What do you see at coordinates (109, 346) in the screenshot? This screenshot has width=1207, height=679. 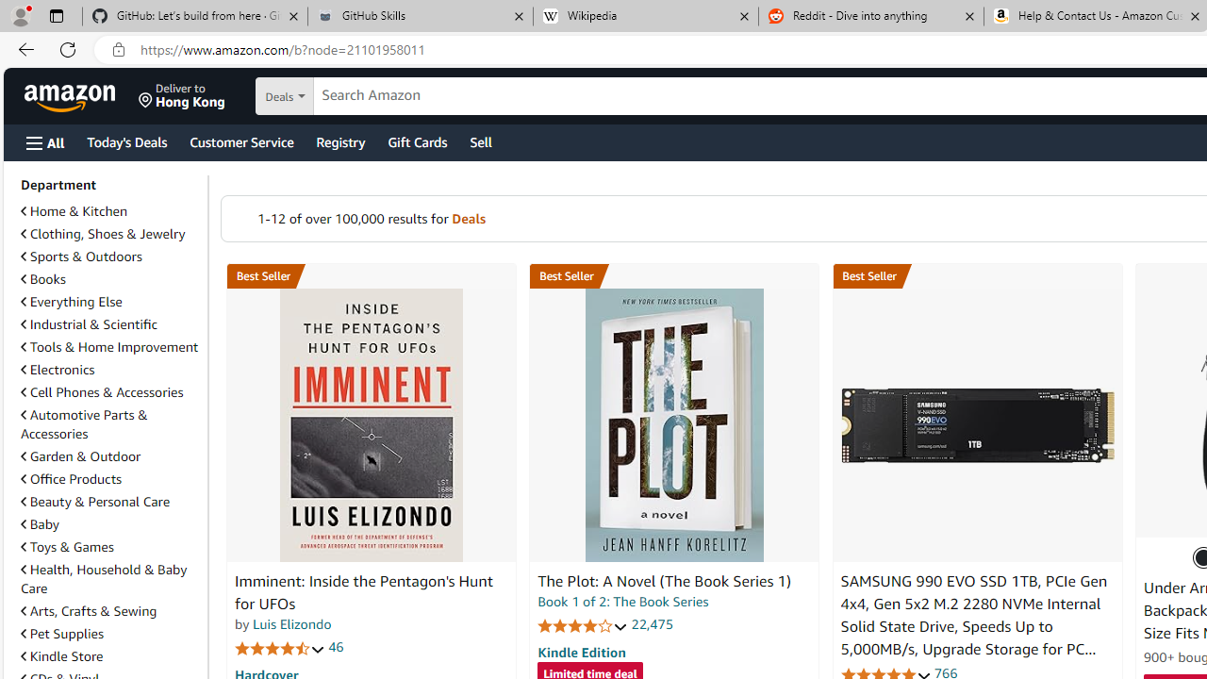 I see `'Tools & Home Improvement'` at bounding box center [109, 346].